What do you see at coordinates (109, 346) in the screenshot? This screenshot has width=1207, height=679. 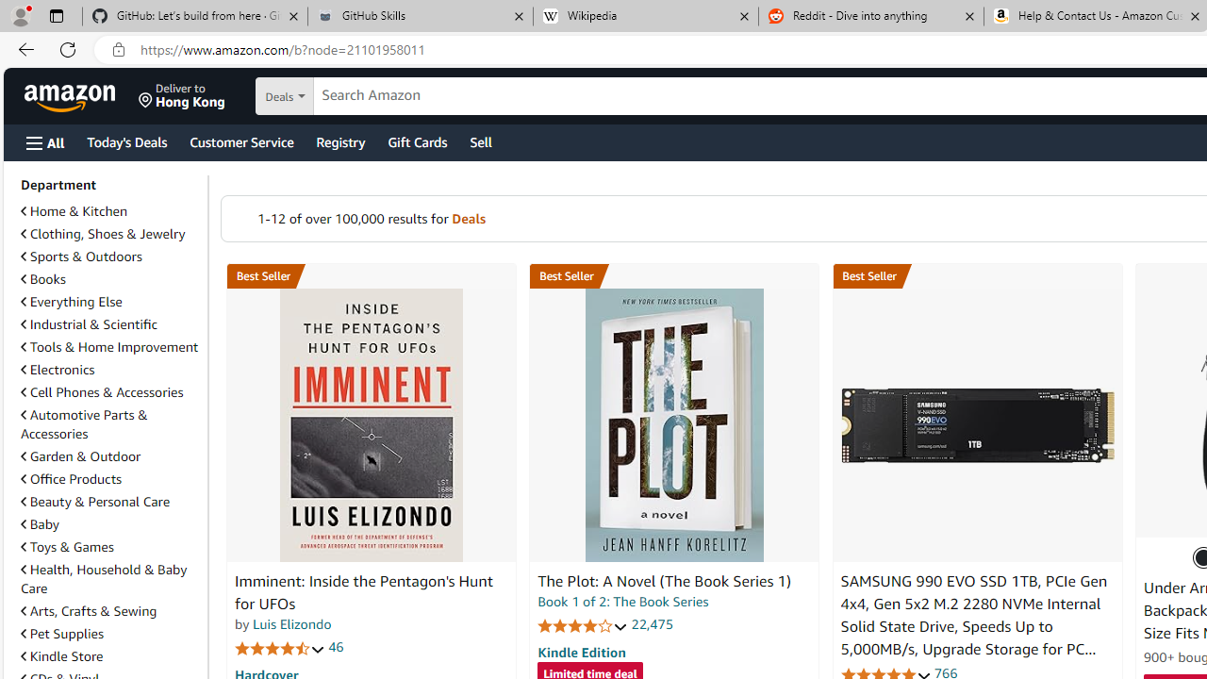 I see `'Tools & Home Improvement'` at bounding box center [109, 346].